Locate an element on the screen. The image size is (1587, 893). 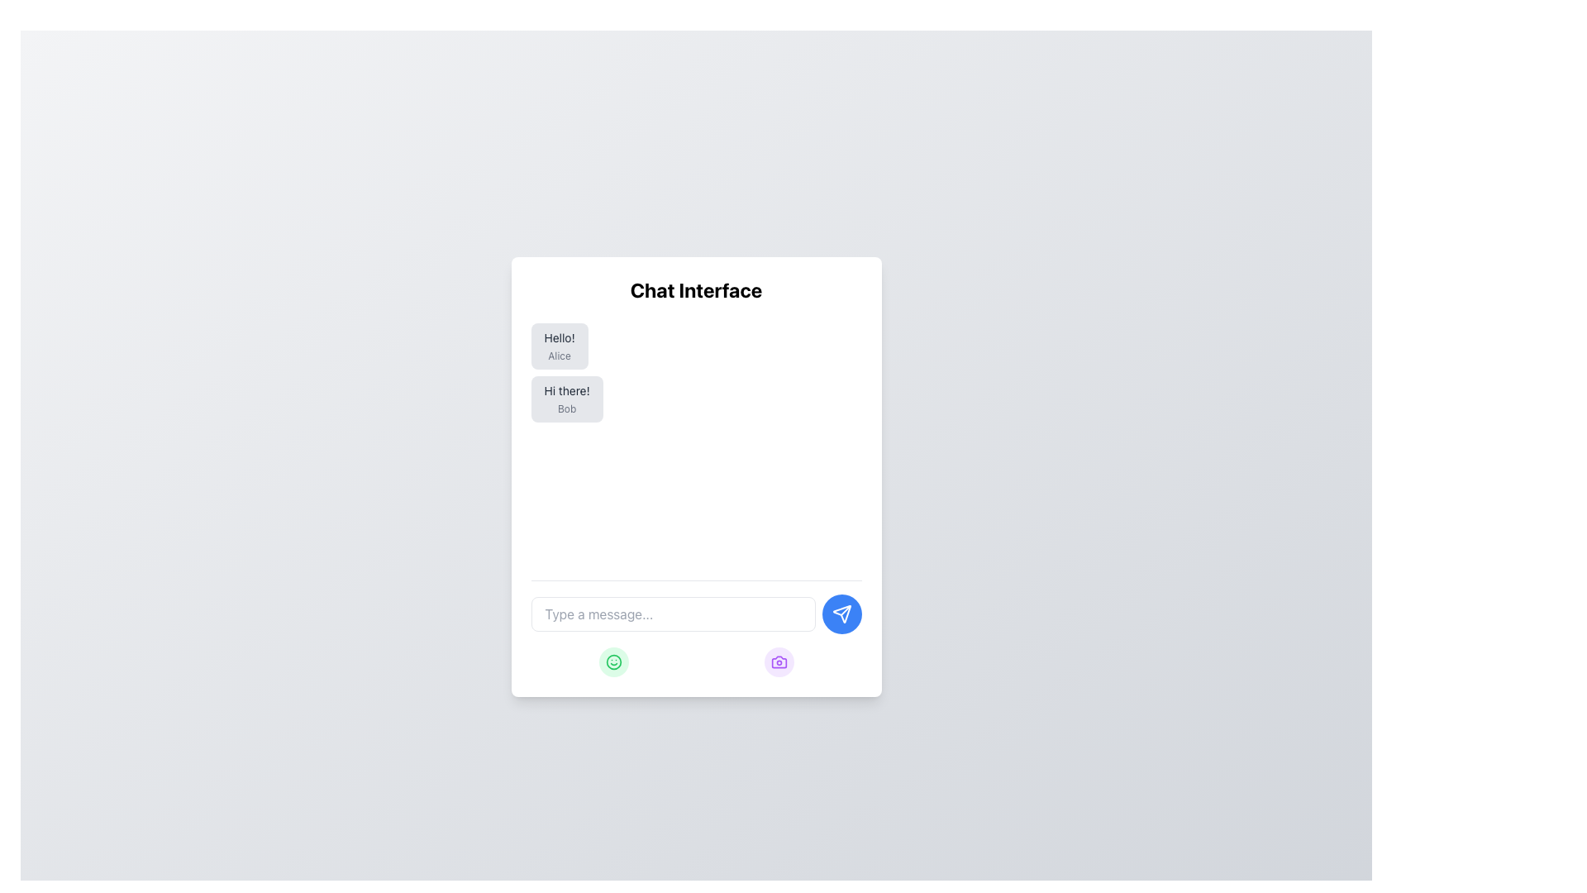
the Text Label displaying the name of the sender in the chat interface, located at the bottom of the chat bubble under the greeting text 'Hello!' is located at coordinates (560, 356).